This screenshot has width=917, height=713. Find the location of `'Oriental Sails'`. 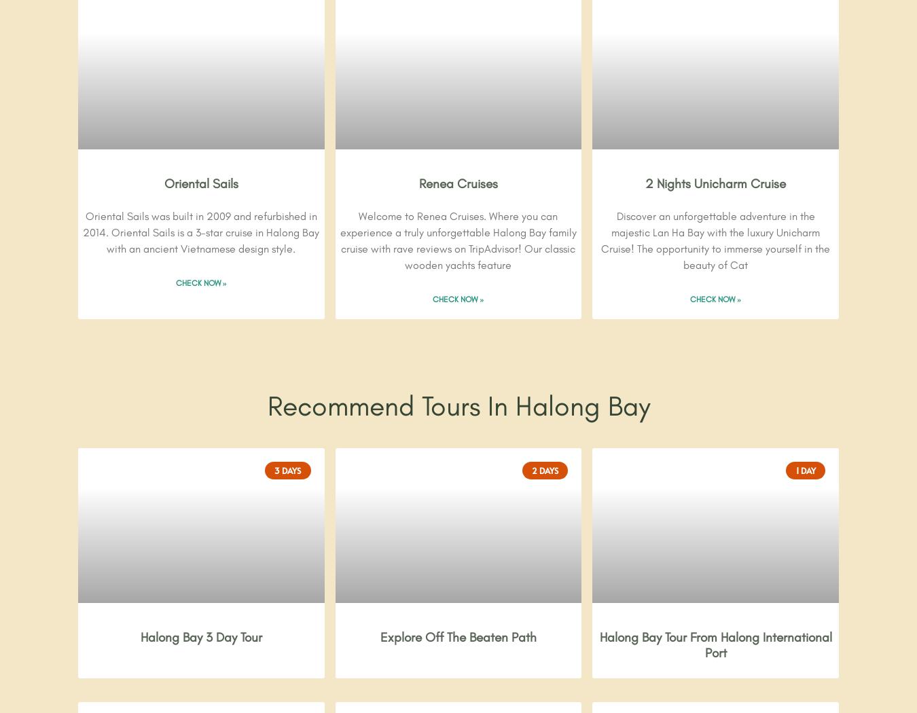

'Oriental Sails' is located at coordinates (200, 182).